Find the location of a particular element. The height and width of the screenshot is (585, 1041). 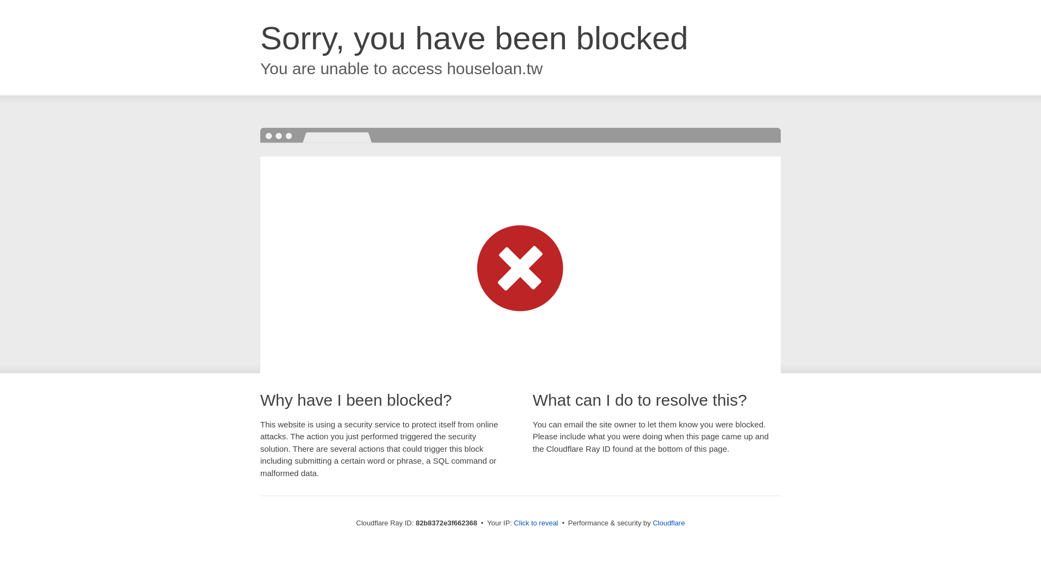

'Click to reveal' is located at coordinates (513, 522).